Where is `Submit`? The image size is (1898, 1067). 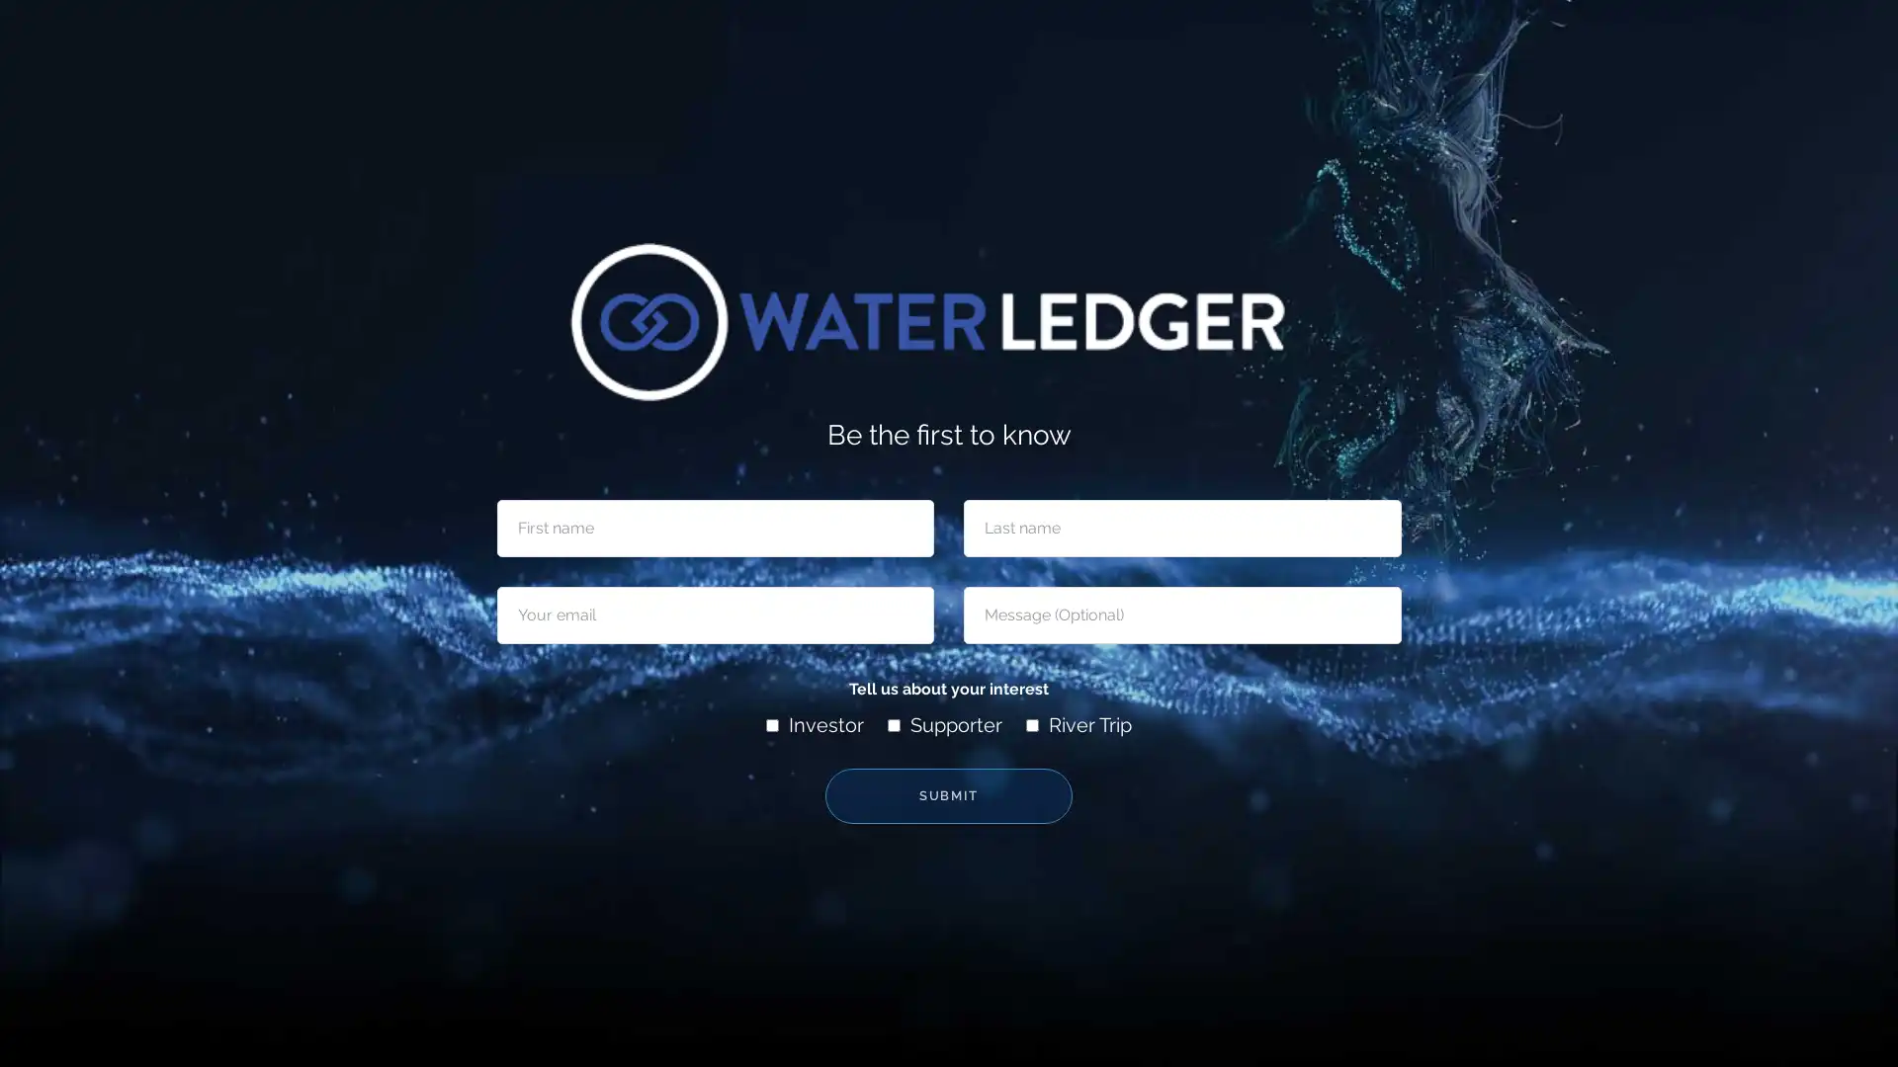 Submit is located at coordinates (949, 794).